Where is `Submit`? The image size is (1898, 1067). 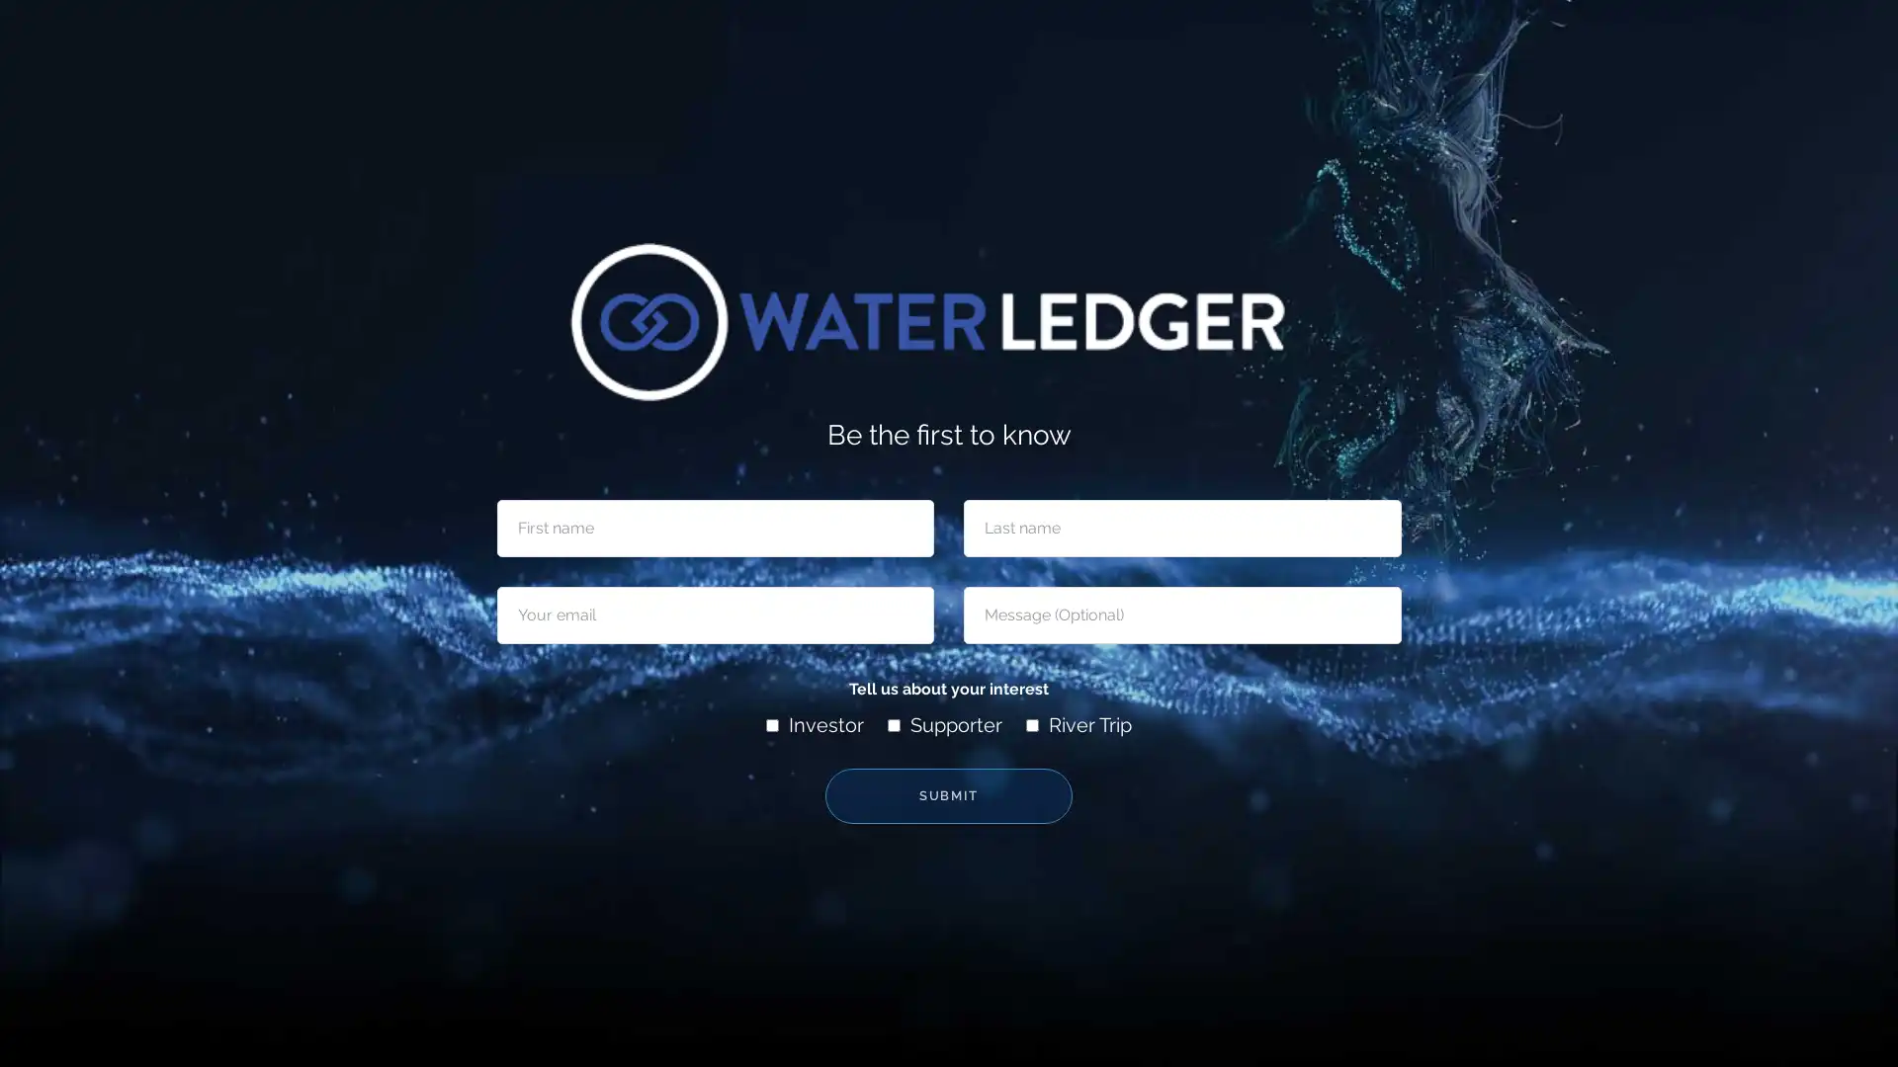 Submit is located at coordinates (949, 794).